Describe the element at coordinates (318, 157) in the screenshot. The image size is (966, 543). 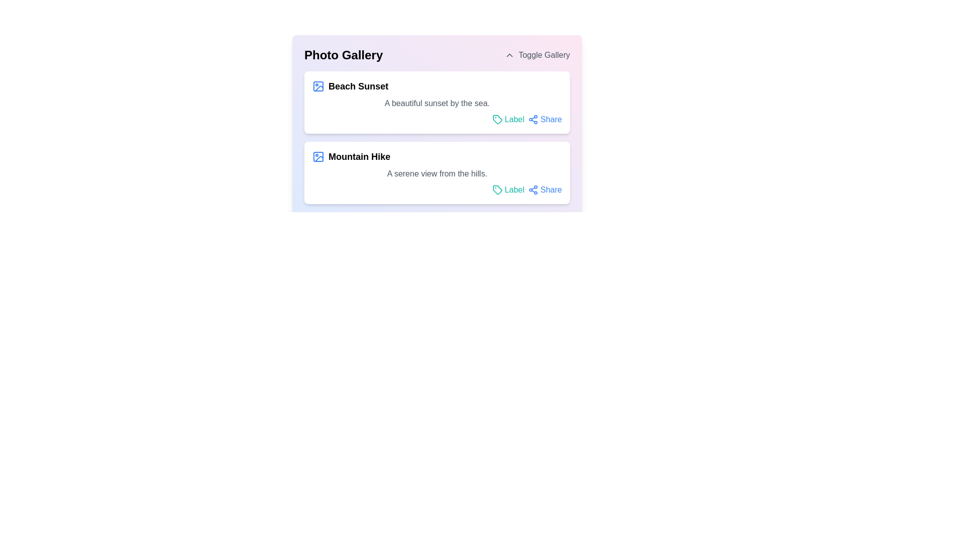
I see `the function of the icon resembling a picture frame located to the left of the text 'Mountain Hike' in the 'Photo Gallery' list` at that location.